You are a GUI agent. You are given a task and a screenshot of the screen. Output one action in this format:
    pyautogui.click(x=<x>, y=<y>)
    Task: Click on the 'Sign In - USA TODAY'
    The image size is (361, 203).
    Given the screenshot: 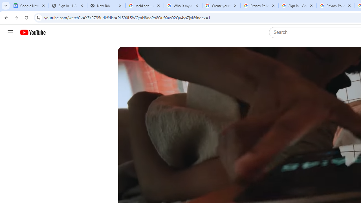 What is the action you would take?
    pyautogui.click(x=68, y=6)
    